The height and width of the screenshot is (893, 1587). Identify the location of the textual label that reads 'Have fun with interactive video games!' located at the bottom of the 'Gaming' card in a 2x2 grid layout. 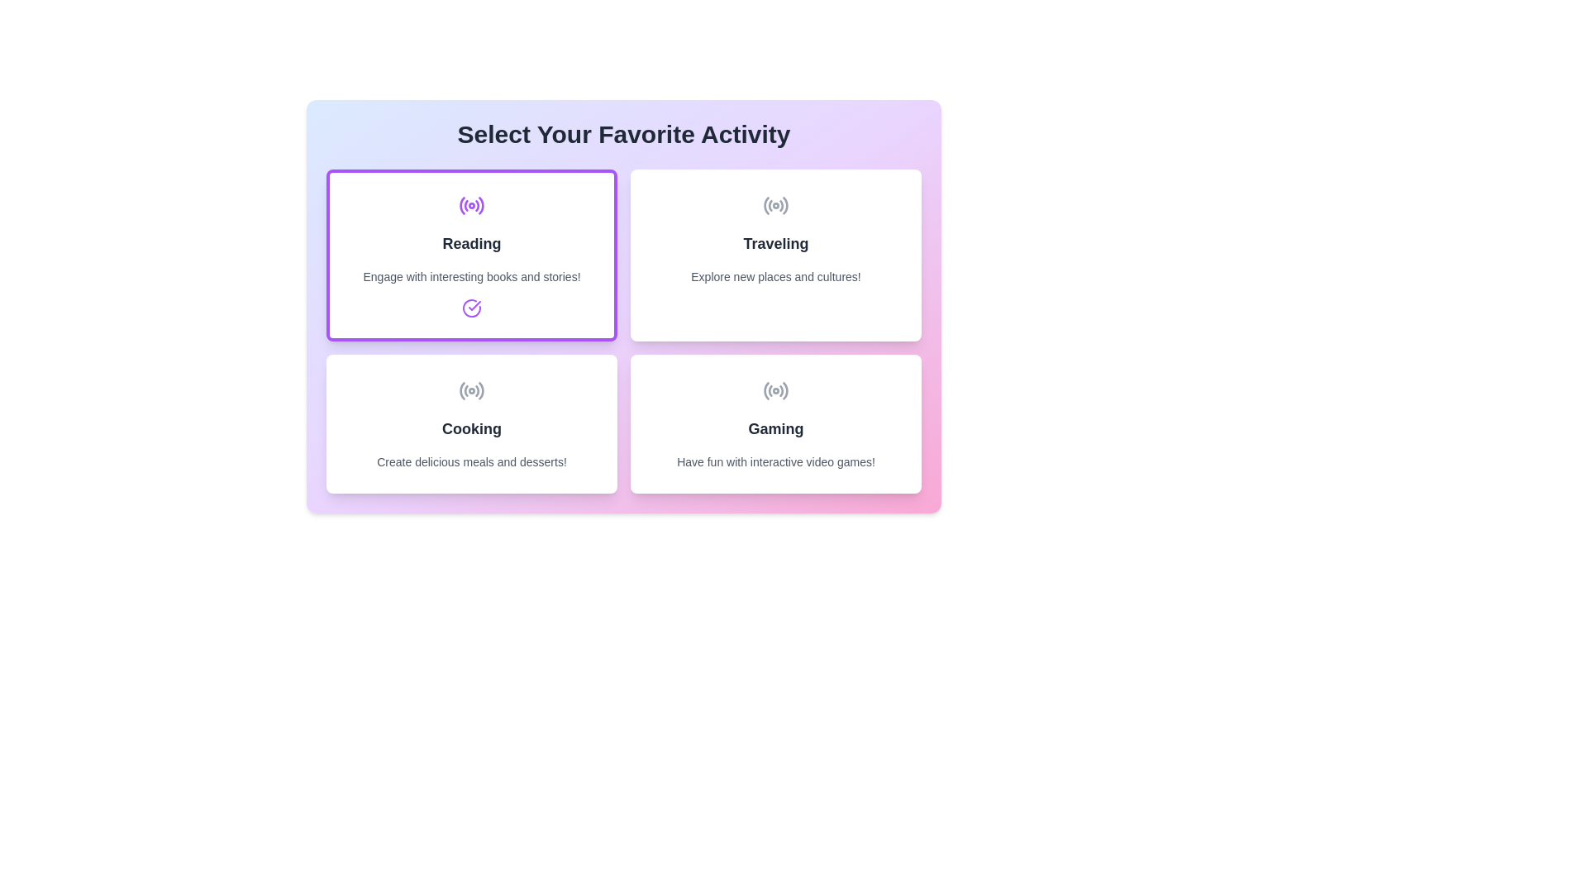
(775, 462).